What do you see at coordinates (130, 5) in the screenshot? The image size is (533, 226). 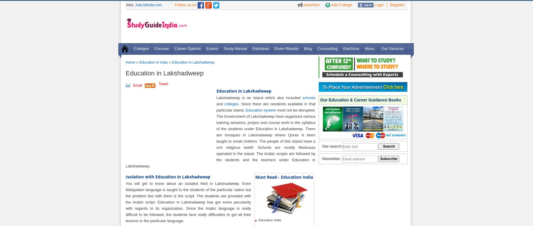 I see `'Jobs:'` at bounding box center [130, 5].